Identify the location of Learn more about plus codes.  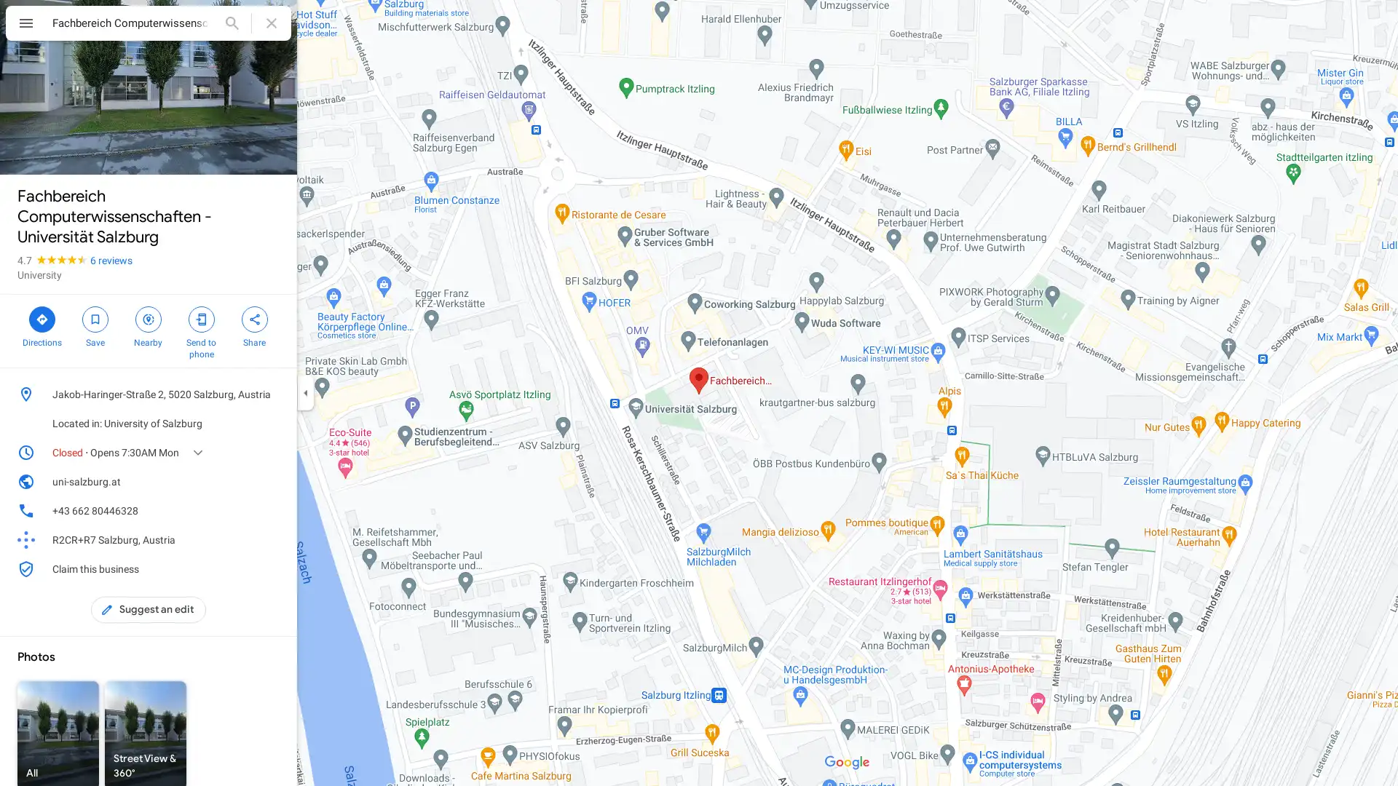
(272, 539).